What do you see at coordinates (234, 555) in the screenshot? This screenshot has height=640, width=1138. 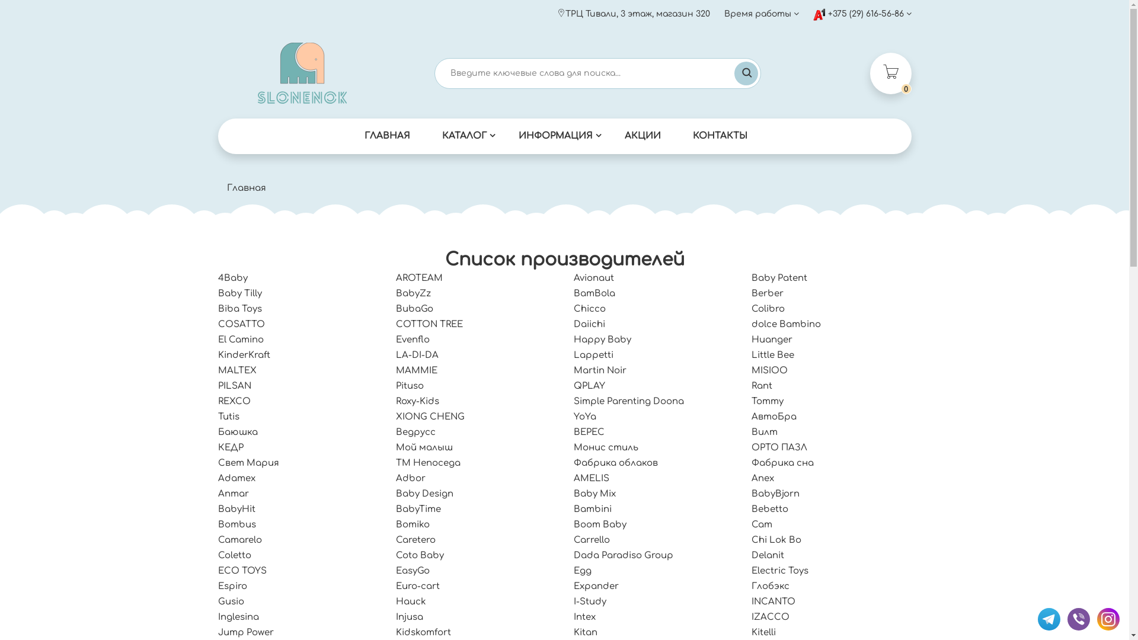 I see `'Coletto'` at bounding box center [234, 555].